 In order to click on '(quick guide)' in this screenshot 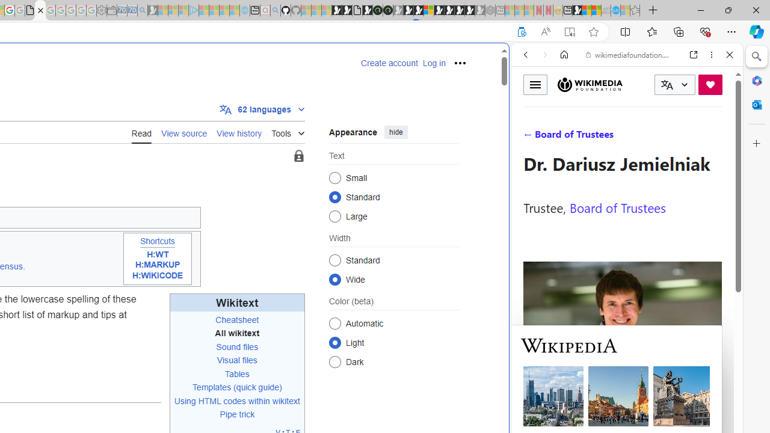, I will do `click(257, 387)`.